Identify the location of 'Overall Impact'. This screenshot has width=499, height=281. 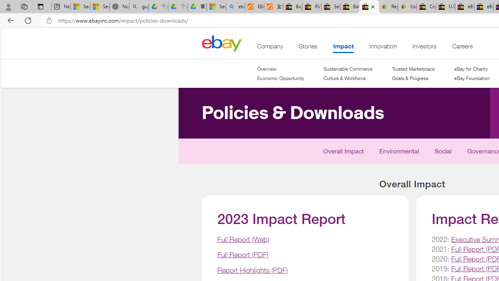
(343, 153).